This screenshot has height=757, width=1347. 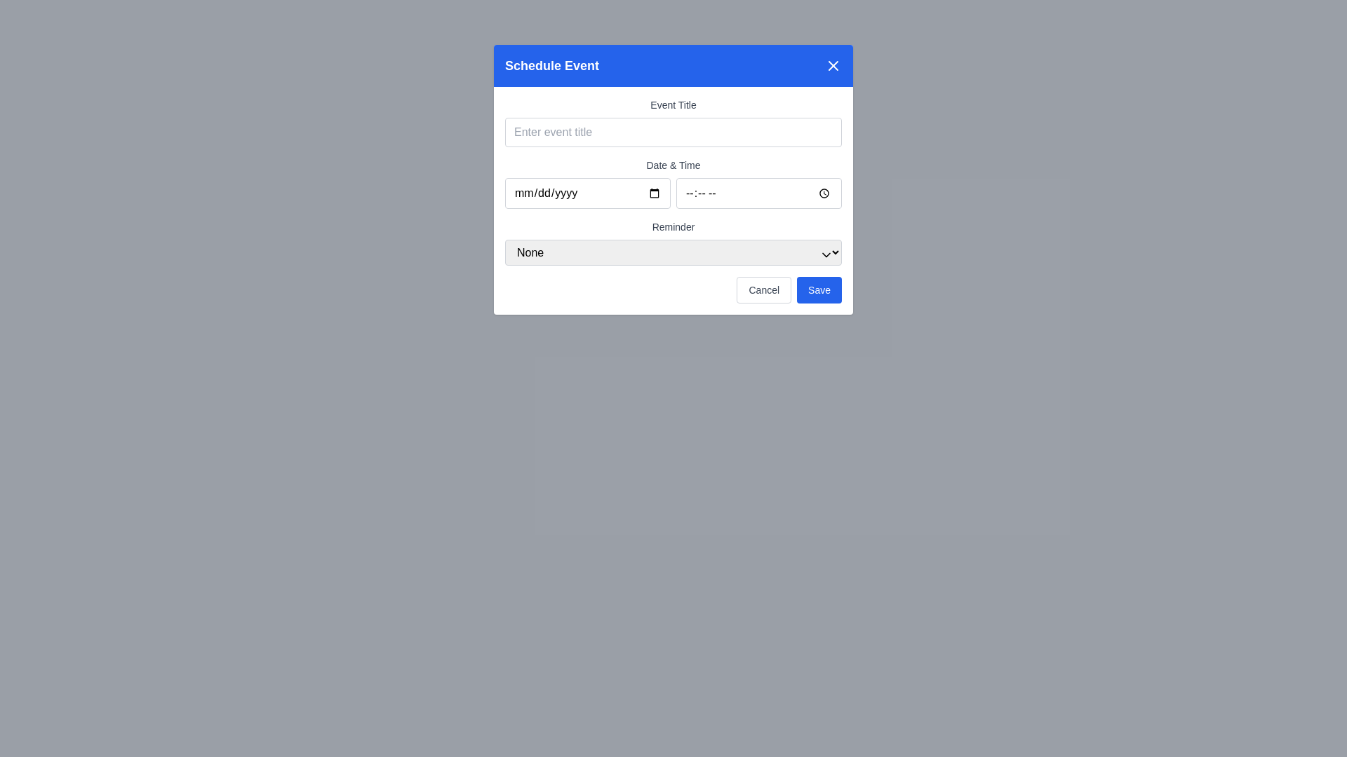 What do you see at coordinates (673, 242) in the screenshot?
I see `the dropdown menu for selecting reminder options in the 'Schedule Event' form` at bounding box center [673, 242].